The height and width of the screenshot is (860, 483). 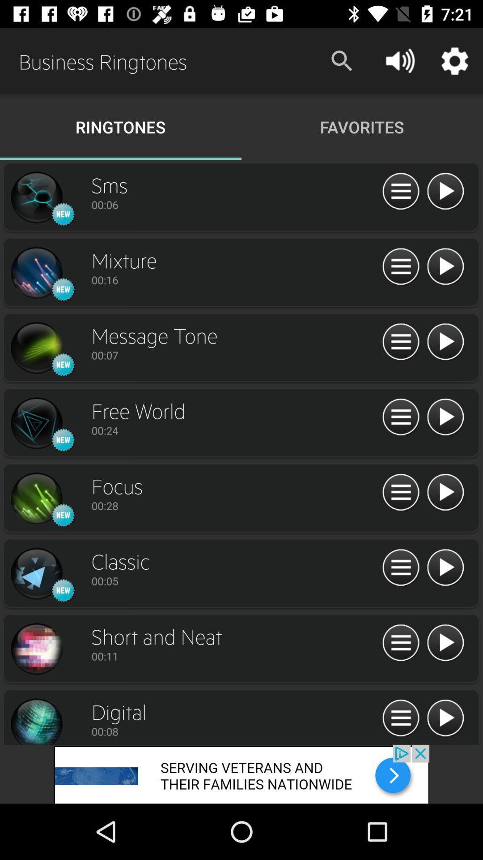 What do you see at coordinates (400, 417) in the screenshot?
I see `customize` at bounding box center [400, 417].